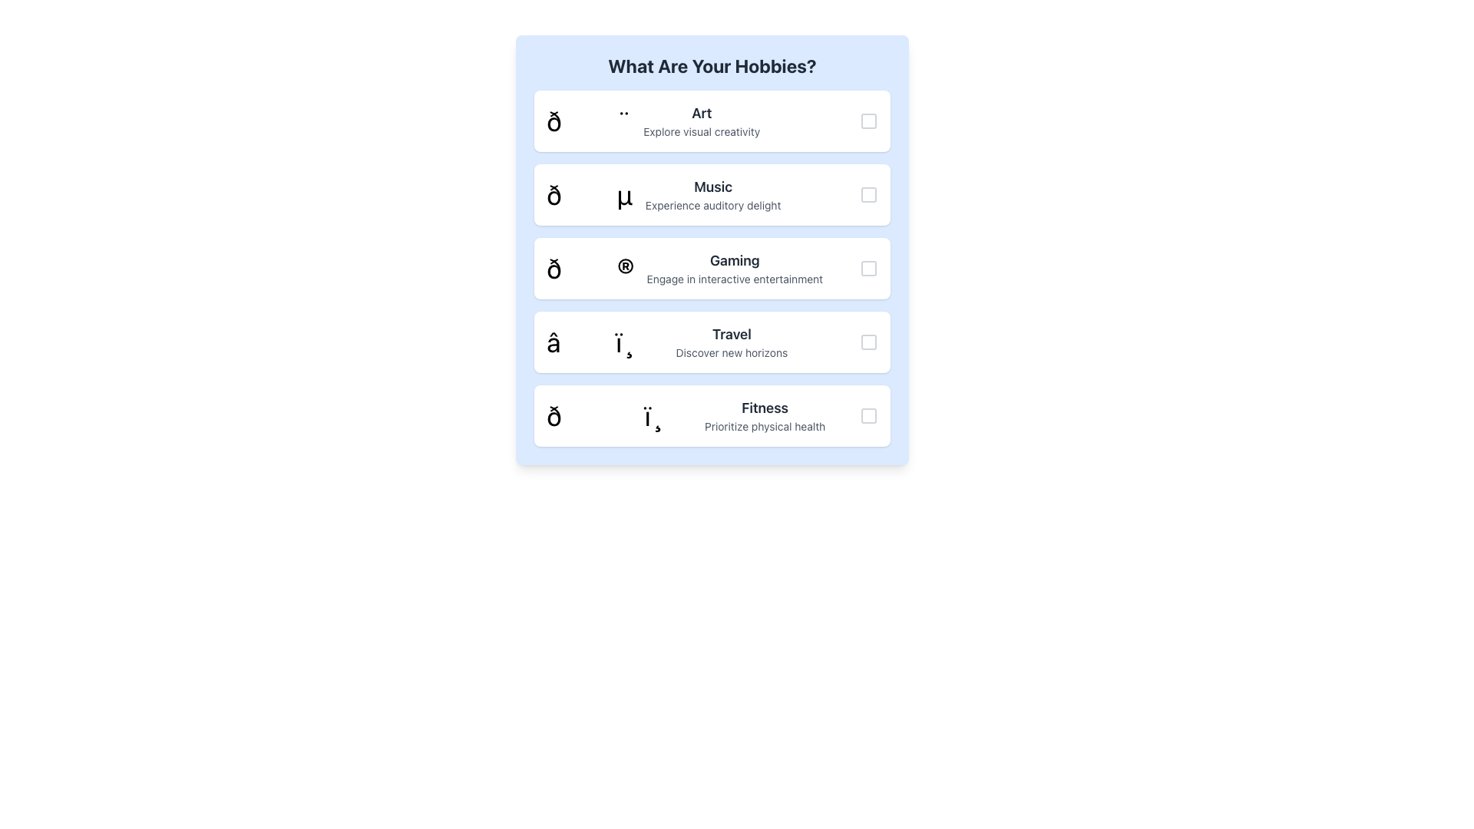  What do you see at coordinates (711, 416) in the screenshot?
I see `the checkbox of the selectable list item labeled 'Fitness' with the subtitle 'Prioritize physical health'` at bounding box center [711, 416].